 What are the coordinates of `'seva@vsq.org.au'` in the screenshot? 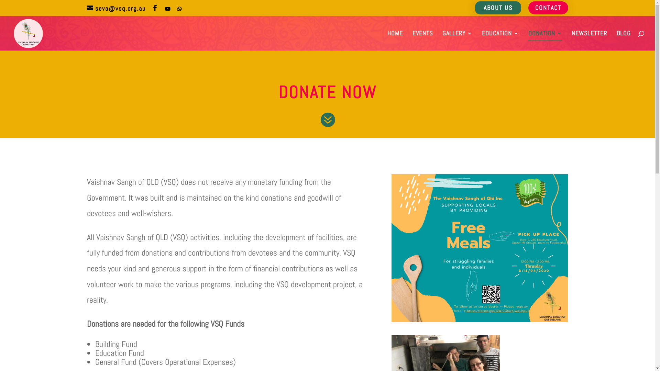 It's located at (116, 8).